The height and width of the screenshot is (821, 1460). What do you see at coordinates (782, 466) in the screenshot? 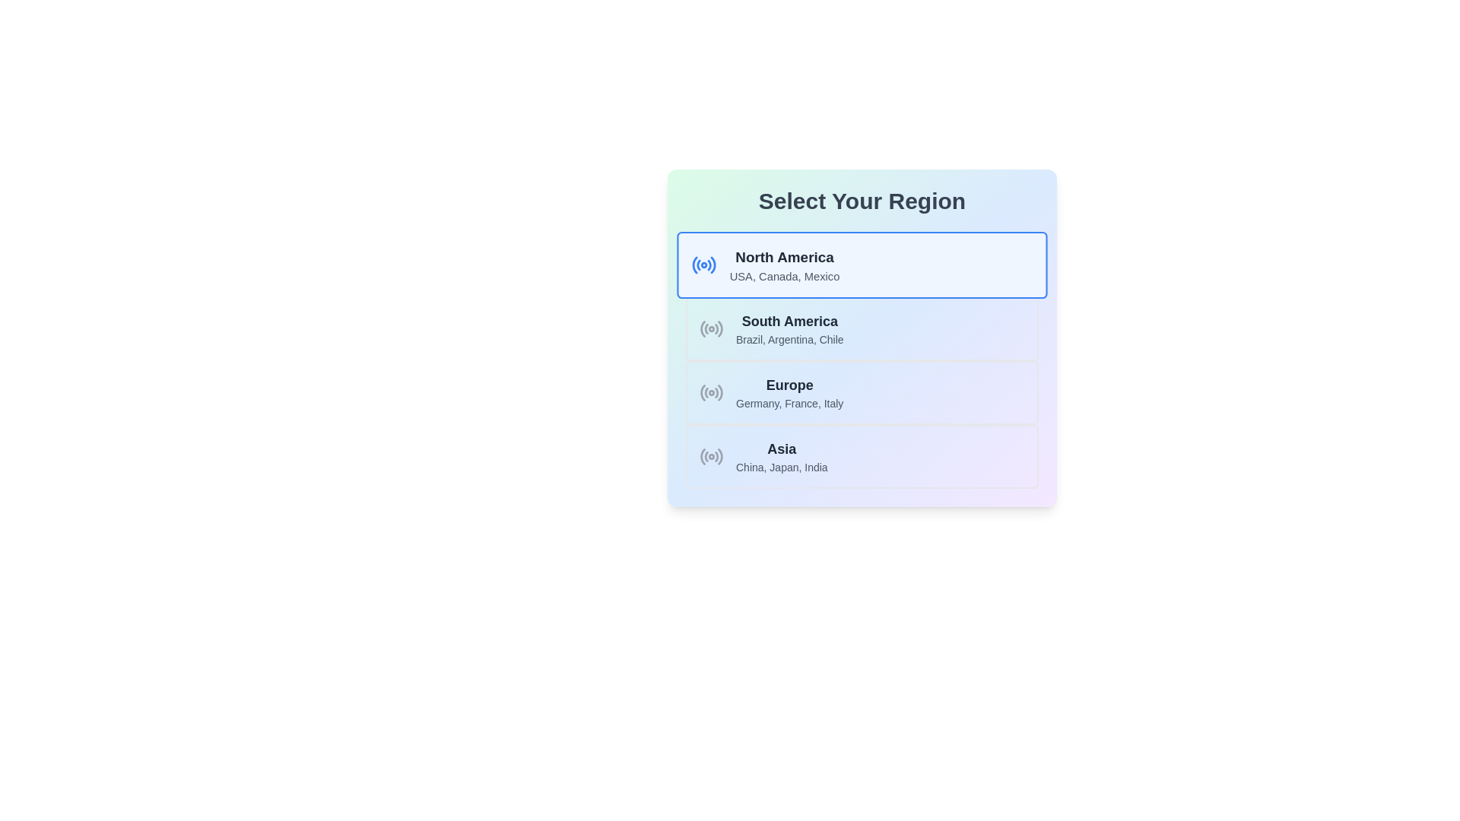
I see `the static text label displaying countries associated with the 'Asia' region, located directly below the heading 'Asia'` at bounding box center [782, 466].